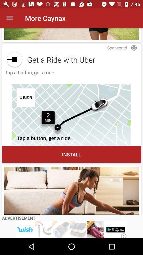 The width and height of the screenshot is (143, 255). Describe the element at coordinates (71, 115) in the screenshot. I see `find transportation route` at that location.